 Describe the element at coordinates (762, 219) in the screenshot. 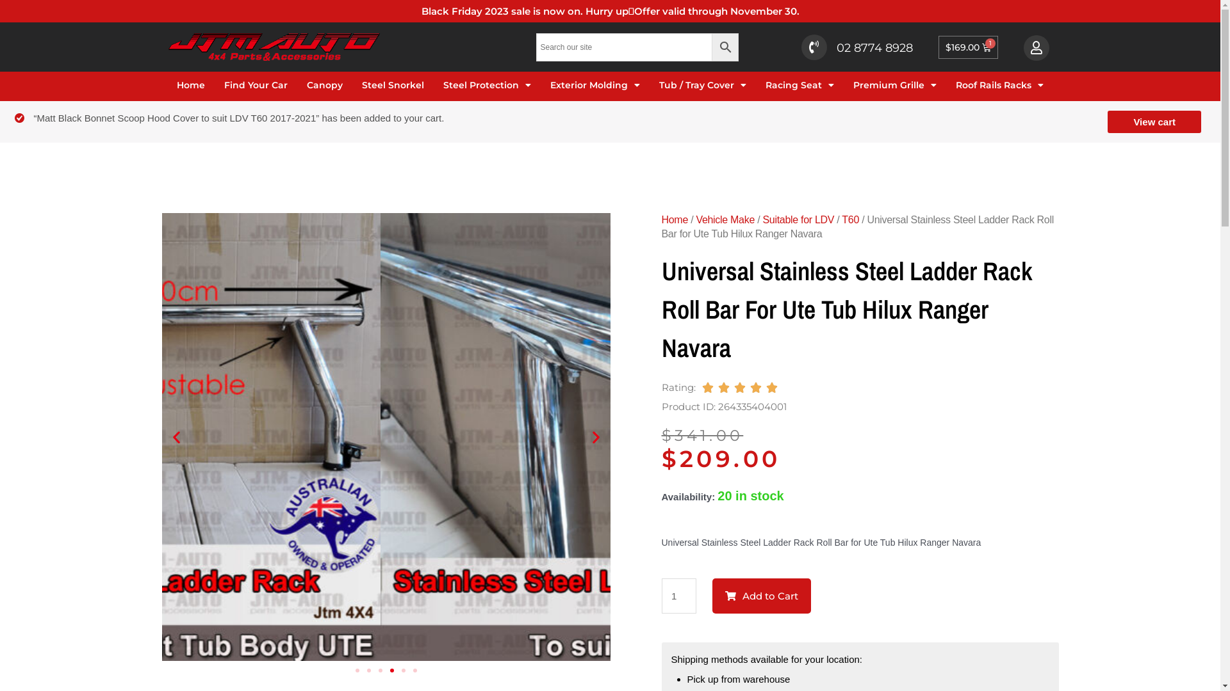

I see `'Suitable for LDV'` at that location.